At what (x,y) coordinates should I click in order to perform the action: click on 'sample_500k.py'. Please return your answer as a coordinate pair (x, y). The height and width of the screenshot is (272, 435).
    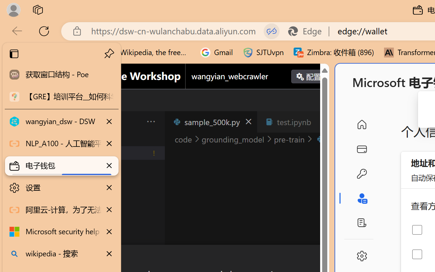
    Looking at the image, I should click on (210, 122).